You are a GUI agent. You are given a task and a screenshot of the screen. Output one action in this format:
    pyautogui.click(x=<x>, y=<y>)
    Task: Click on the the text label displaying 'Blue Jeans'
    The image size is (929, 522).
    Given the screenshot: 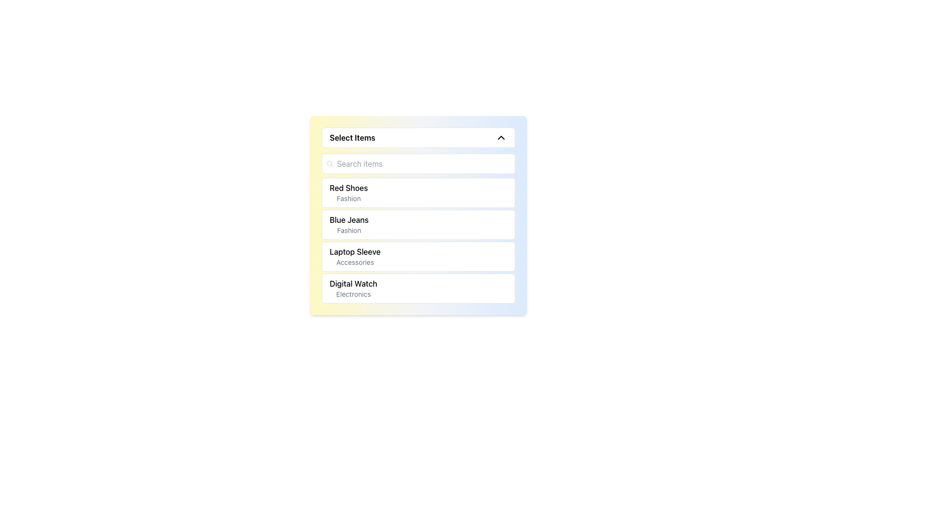 What is the action you would take?
    pyautogui.click(x=348, y=220)
    